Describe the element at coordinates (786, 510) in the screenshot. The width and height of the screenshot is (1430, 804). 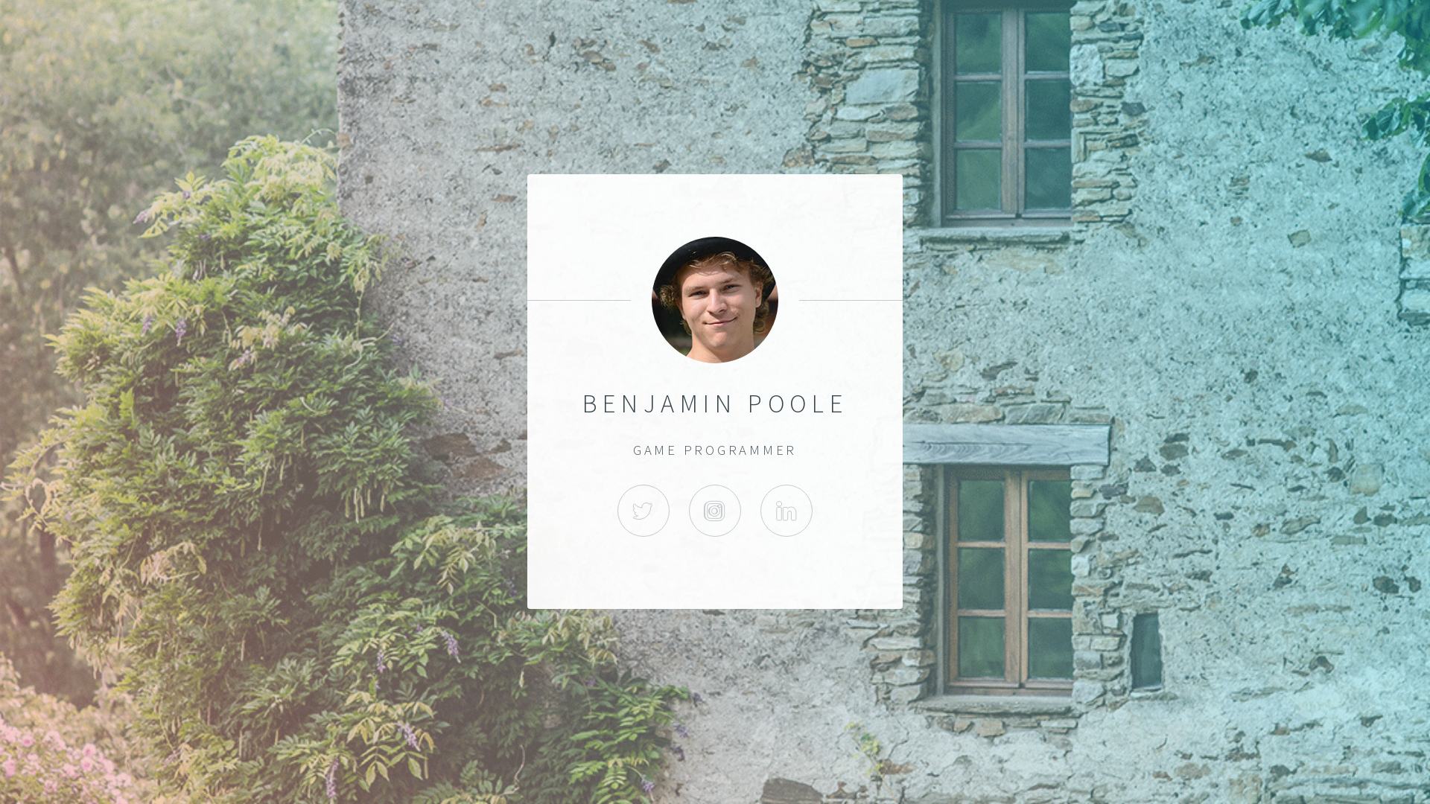
I see `'LINKED-IN'` at that location.